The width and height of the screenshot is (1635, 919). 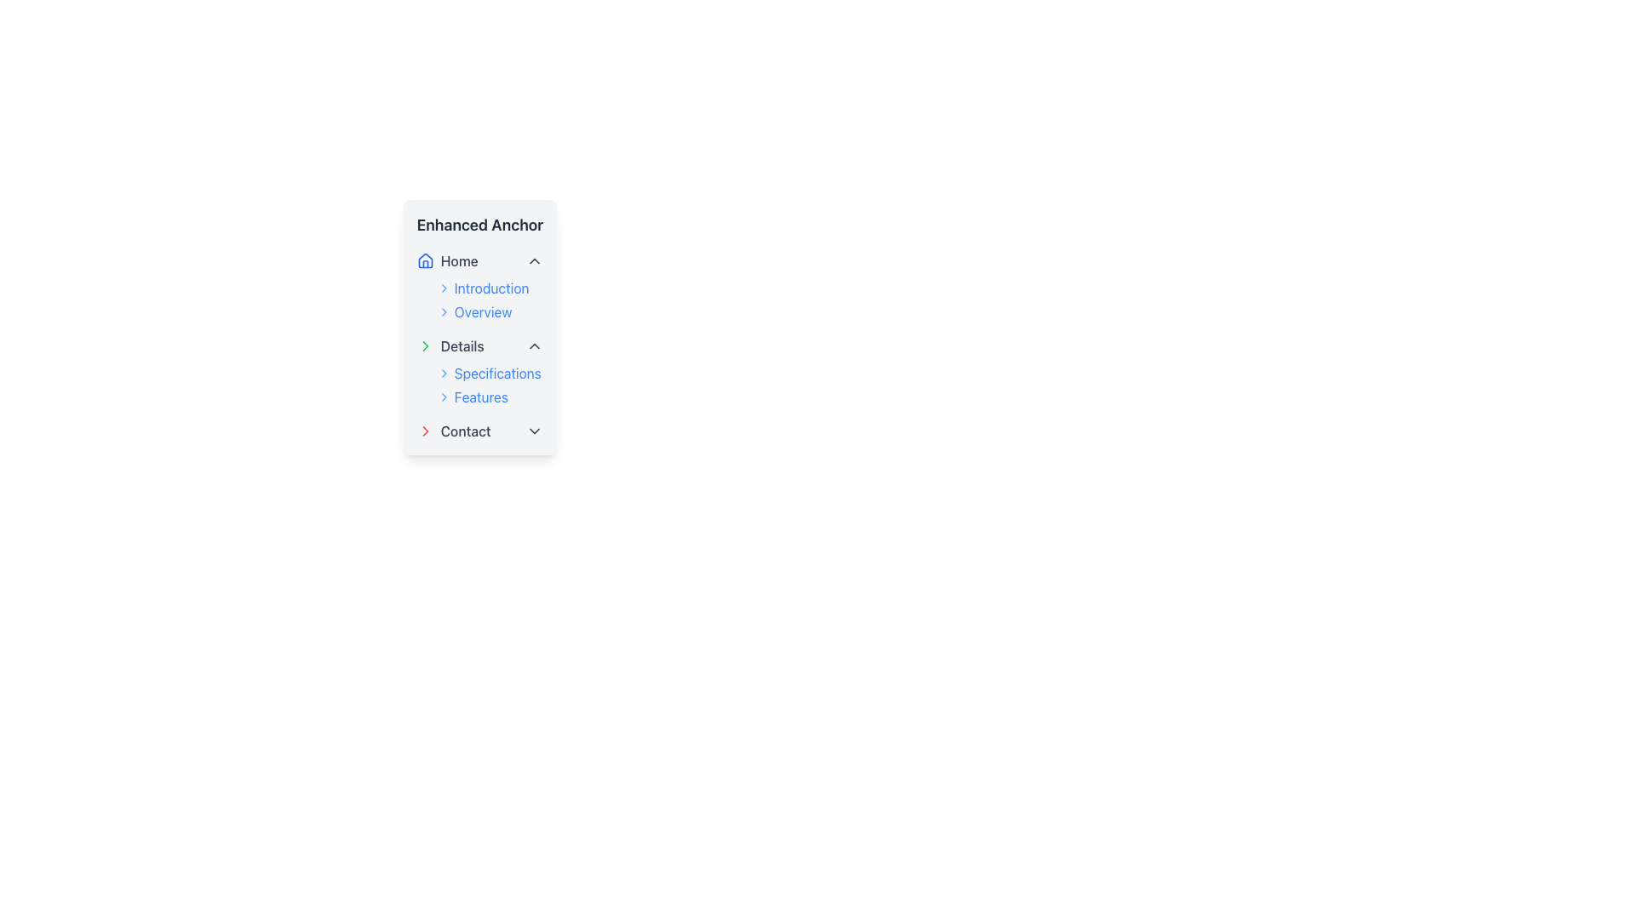 What do you see at coordinates (490, 311) in the screenshot?
I see `the 'Overview' hyperlink text in the 'Enhanced Anchor' side menu` at bounding box center [490, 311].